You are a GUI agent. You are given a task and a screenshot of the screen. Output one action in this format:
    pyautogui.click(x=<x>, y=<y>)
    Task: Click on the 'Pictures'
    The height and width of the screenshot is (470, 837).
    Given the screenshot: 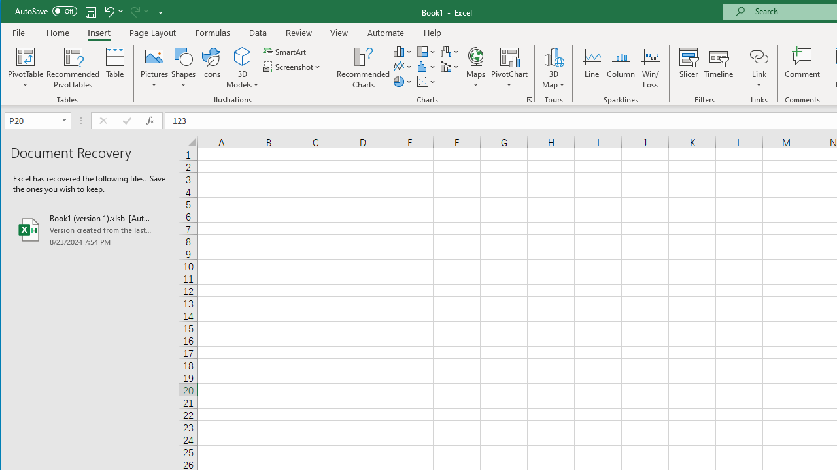 What is the action you would take?
    pyautogui.click(x=154, y=68)
    